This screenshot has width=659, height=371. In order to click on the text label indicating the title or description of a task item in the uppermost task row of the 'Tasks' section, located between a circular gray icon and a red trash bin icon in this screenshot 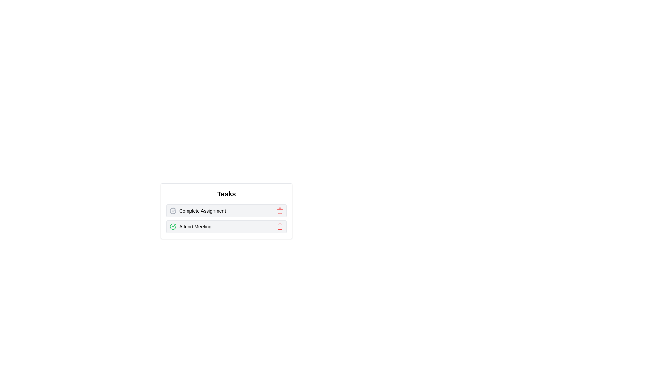, I will do `click(202, 210)`.